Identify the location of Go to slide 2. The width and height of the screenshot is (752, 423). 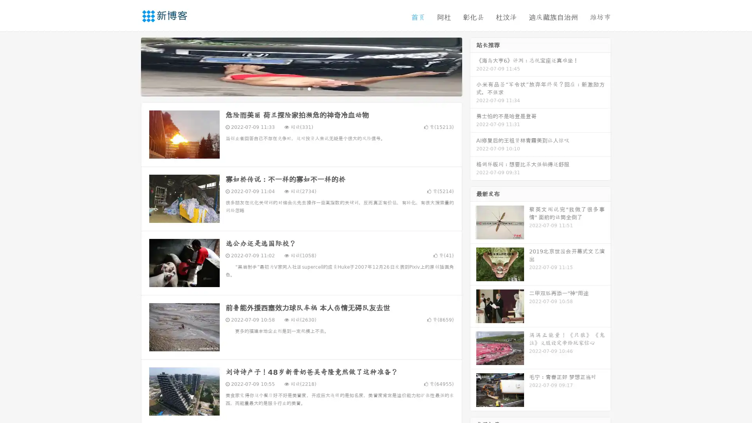
(301, 88).